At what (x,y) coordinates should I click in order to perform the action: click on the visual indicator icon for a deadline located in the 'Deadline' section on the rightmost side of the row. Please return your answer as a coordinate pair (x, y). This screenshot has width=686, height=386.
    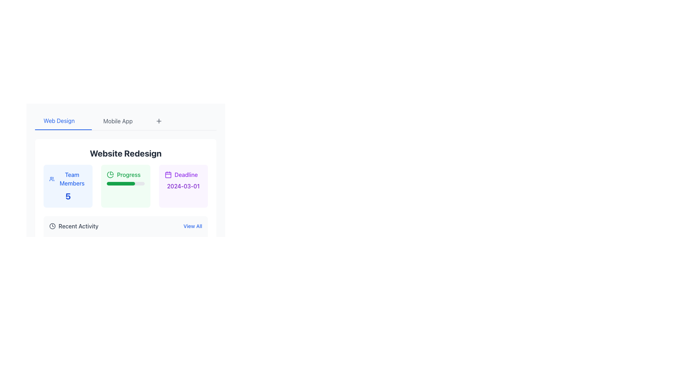
    Looking at the image, I should click on (168, 175).